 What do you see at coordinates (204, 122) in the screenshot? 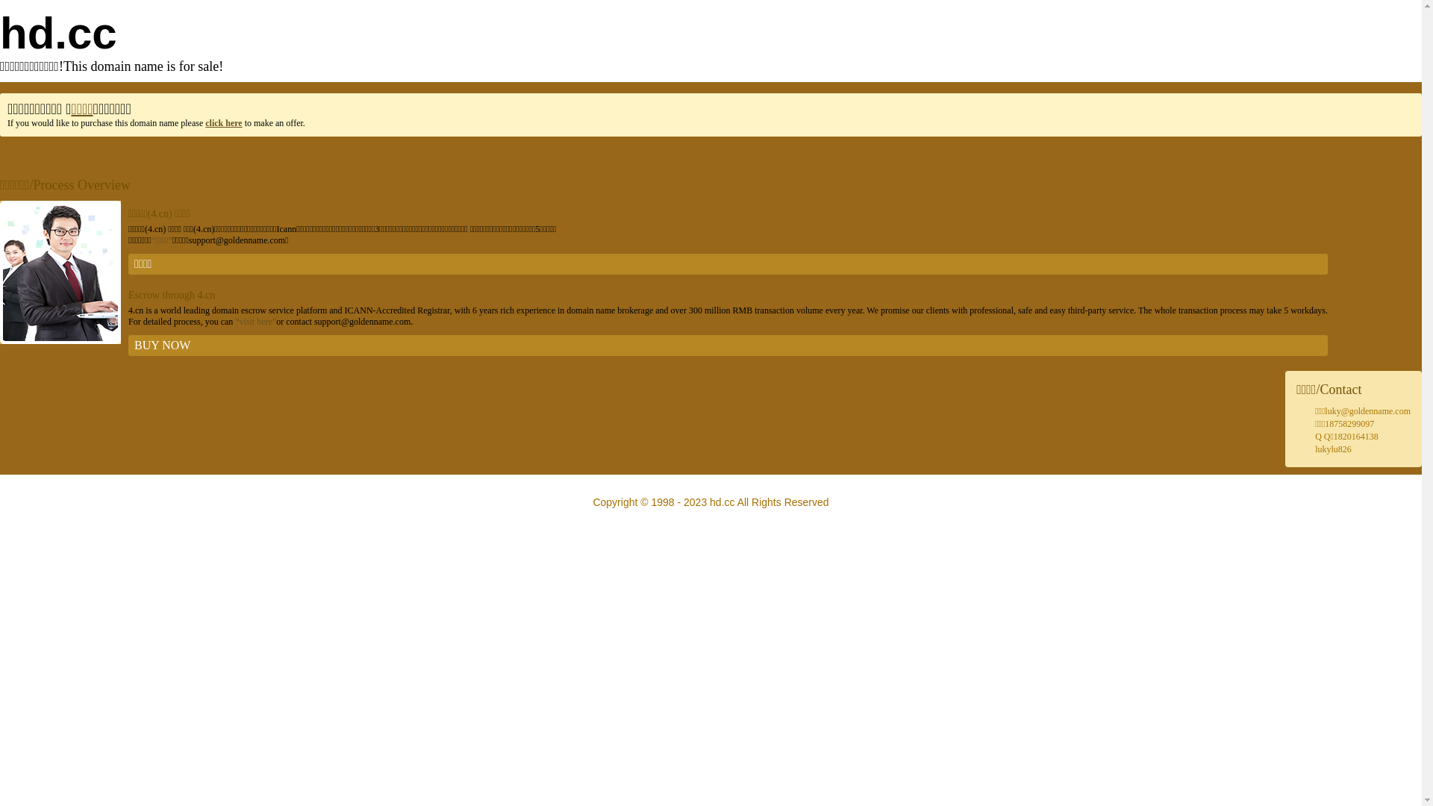
I see `'click here'` at bounding box center [204, 122].